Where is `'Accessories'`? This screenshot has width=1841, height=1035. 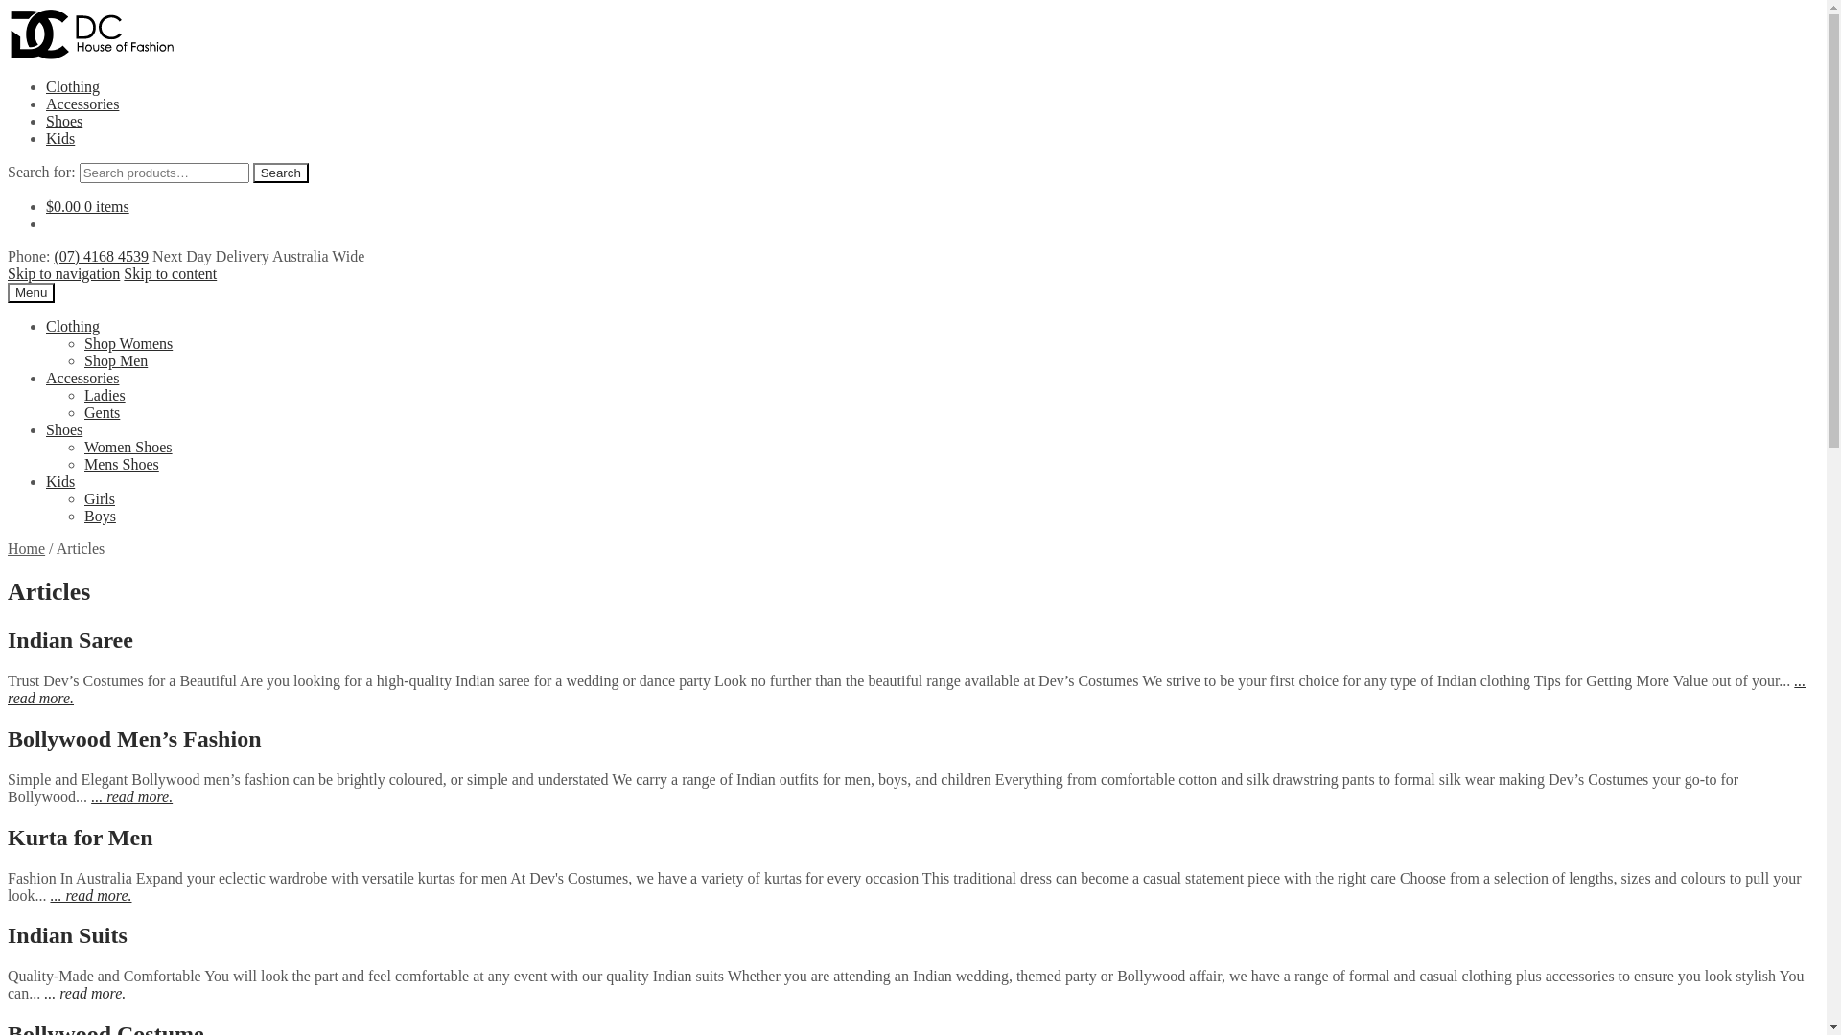 'Accessories' is located at coordinates (82, 103).